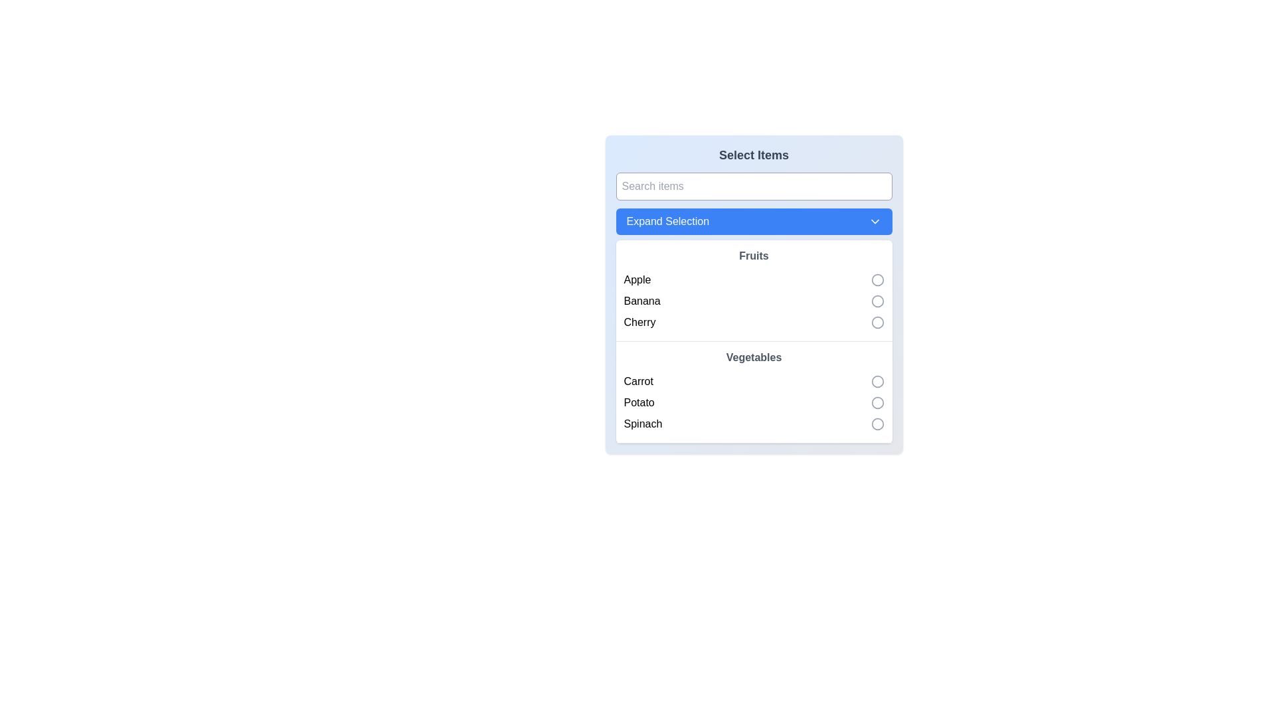 The image size is (1275, 717). What do you see at coordinates (877, 402) in the screenshot?
I see `the second radio button under the 'Vegetables' group labeled 'Potato'` at bounding box center [877, 402].